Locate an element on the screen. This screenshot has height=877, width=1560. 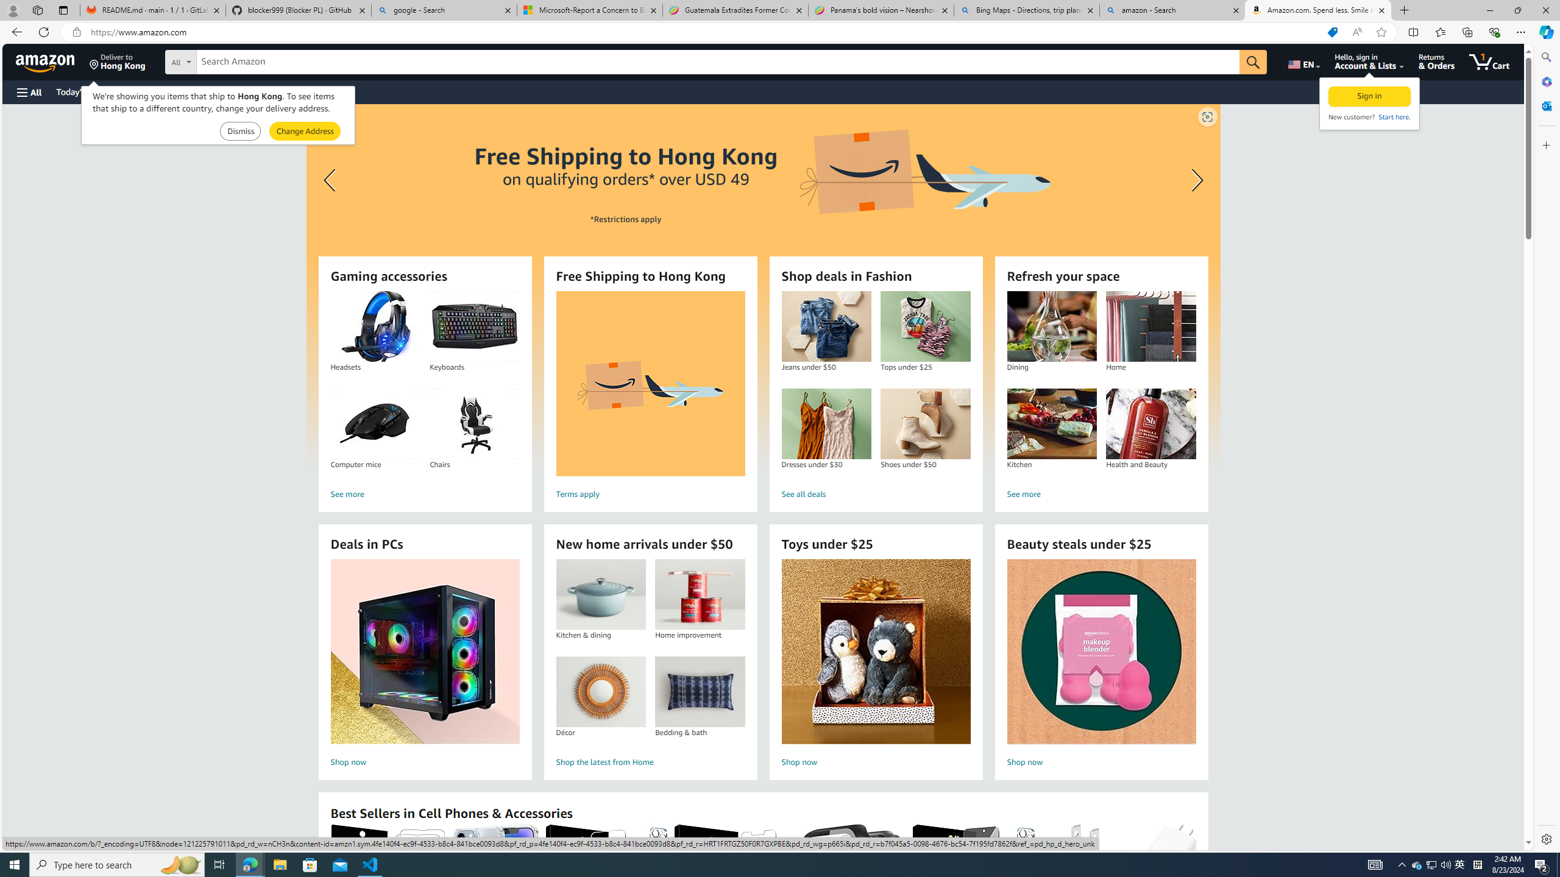
'Shoes under $50' is located at coordinates (926, 424).